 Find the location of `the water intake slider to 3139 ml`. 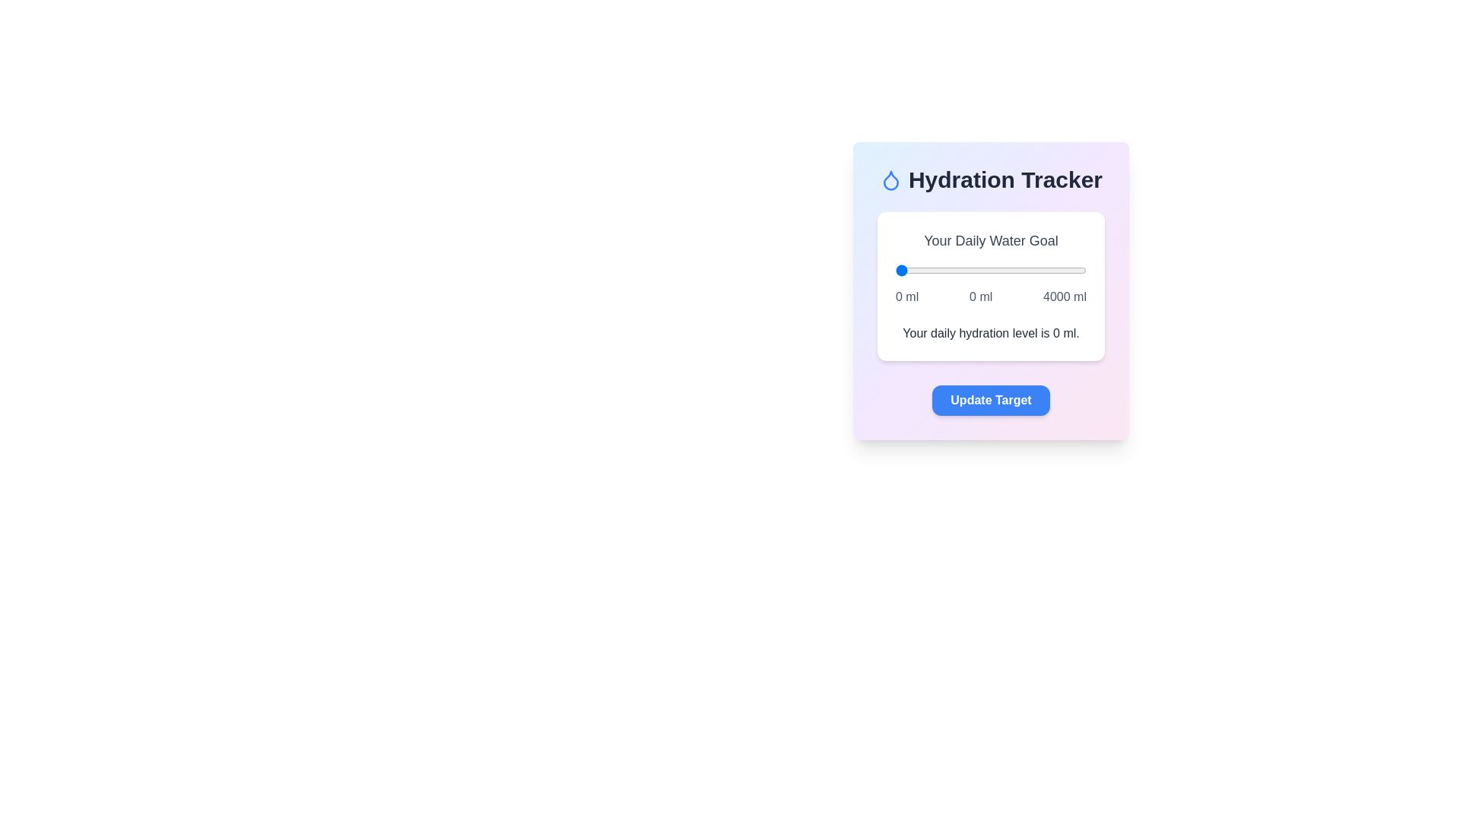

the water intake slider to 3139 ml is located at coordinates (1044, 269).